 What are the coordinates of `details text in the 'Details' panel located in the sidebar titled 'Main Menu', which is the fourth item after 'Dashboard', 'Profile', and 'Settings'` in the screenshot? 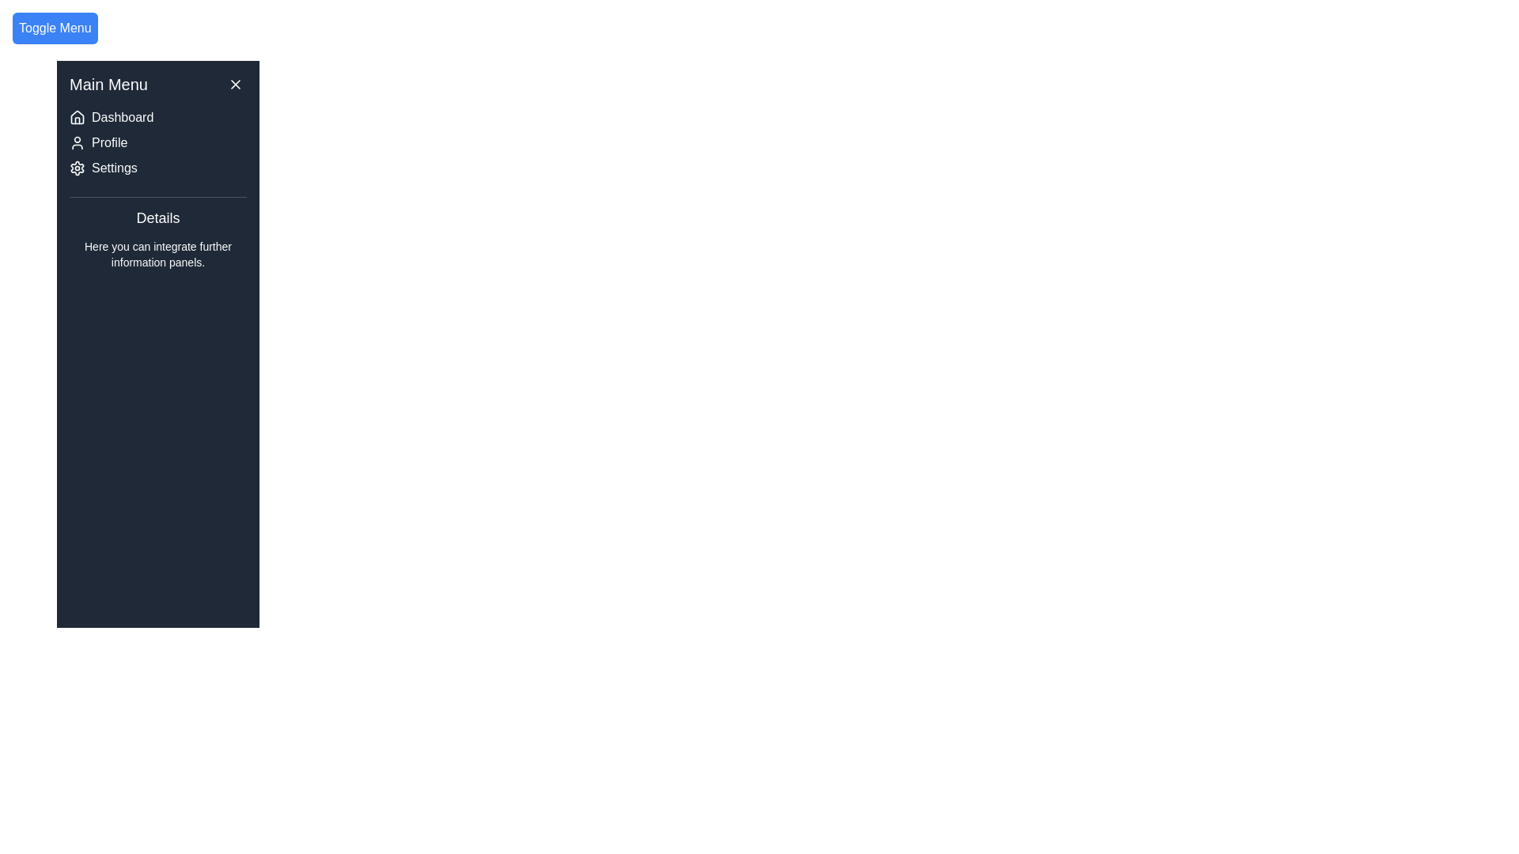 It's located at (158, 238).